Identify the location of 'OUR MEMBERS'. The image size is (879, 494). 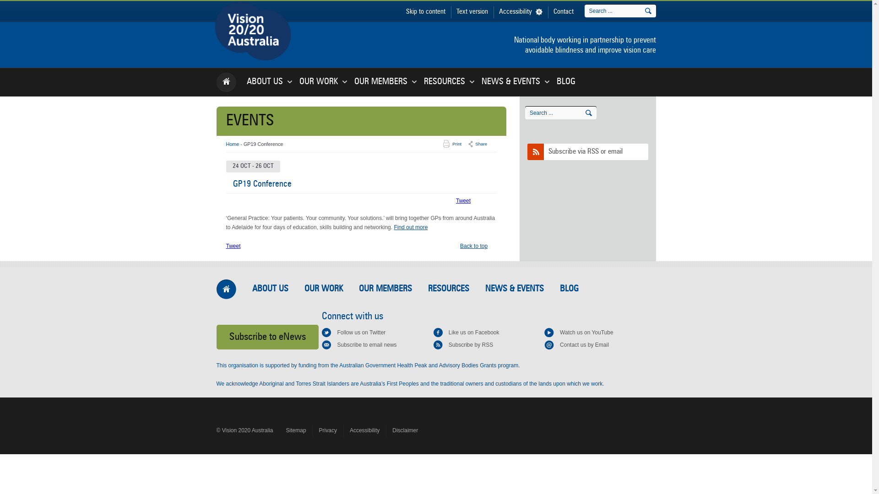
(380, 81).